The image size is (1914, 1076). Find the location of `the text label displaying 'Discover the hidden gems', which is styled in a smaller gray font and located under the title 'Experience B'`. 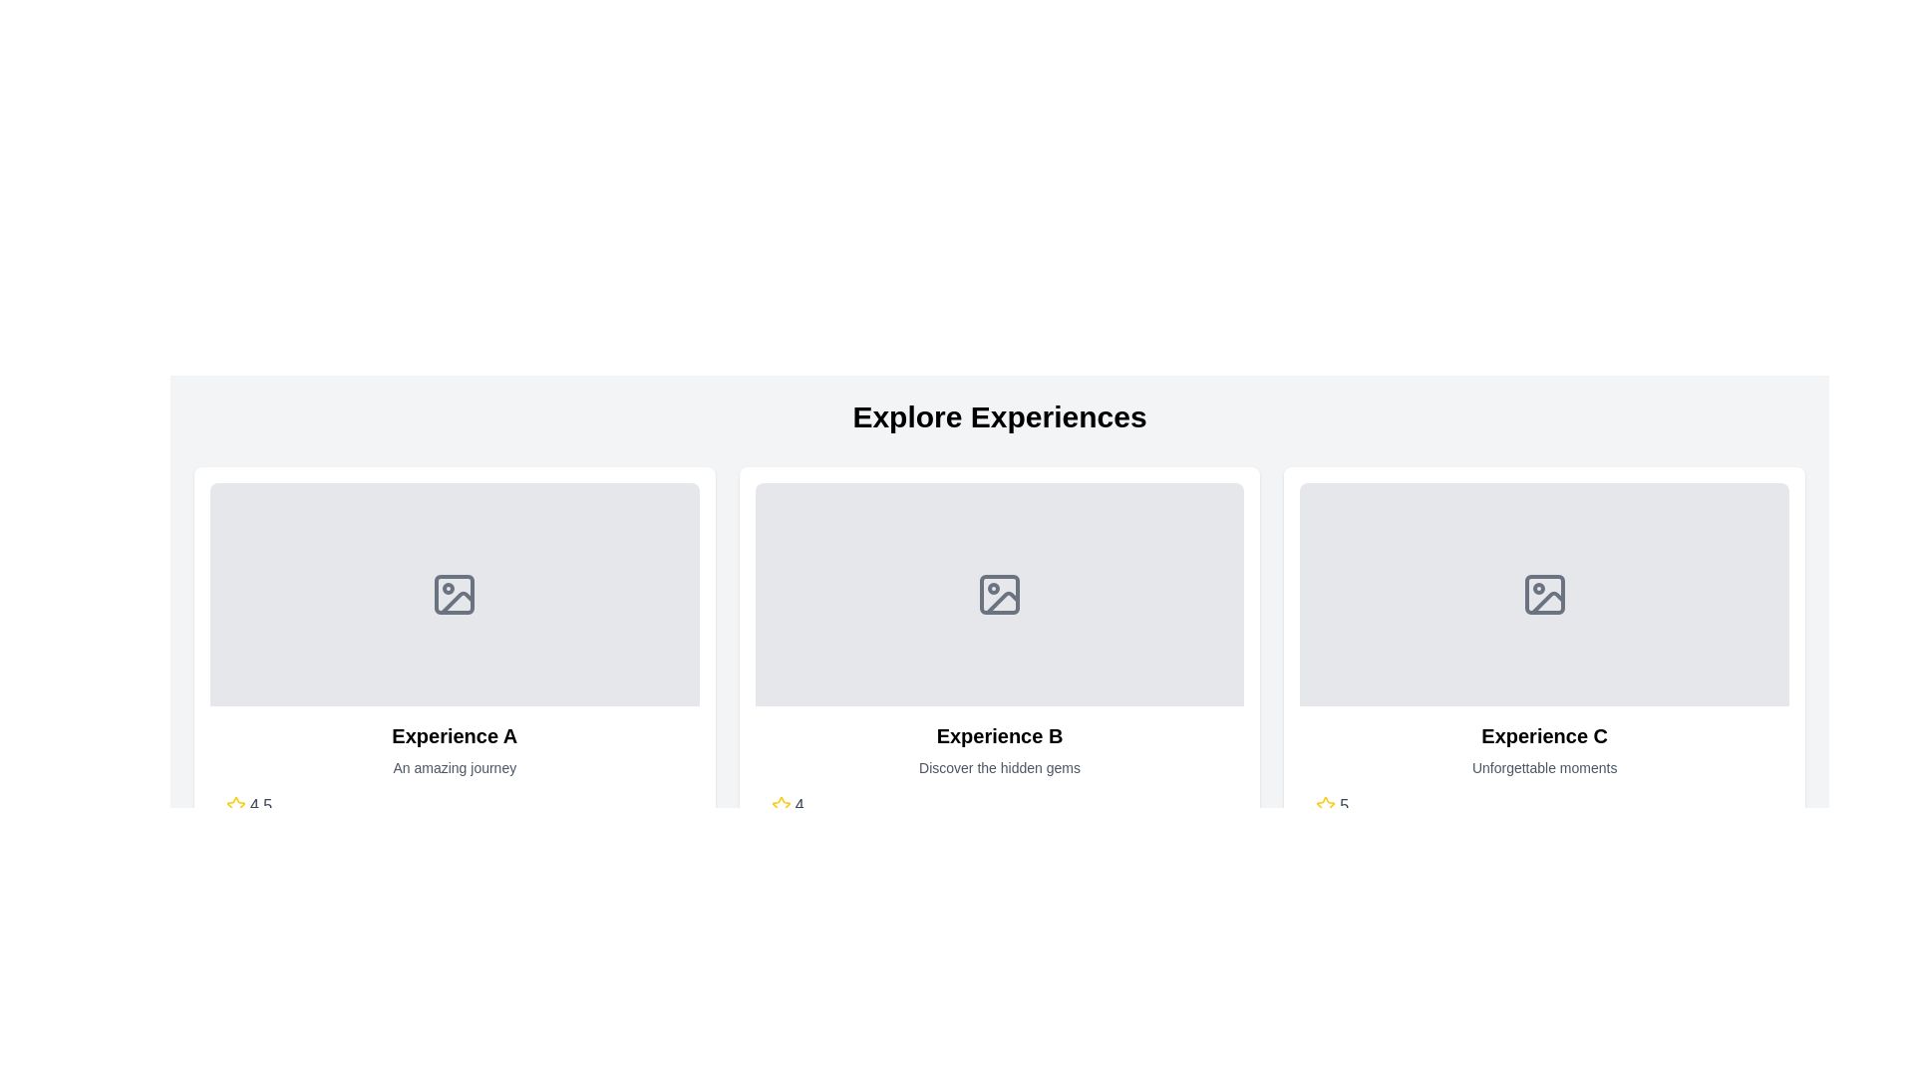

the text label displaying 'Discover the hidden gems', which is styled in a smaller gray font and located under the title 'Experience B' is located at coordinates (1000, 767).